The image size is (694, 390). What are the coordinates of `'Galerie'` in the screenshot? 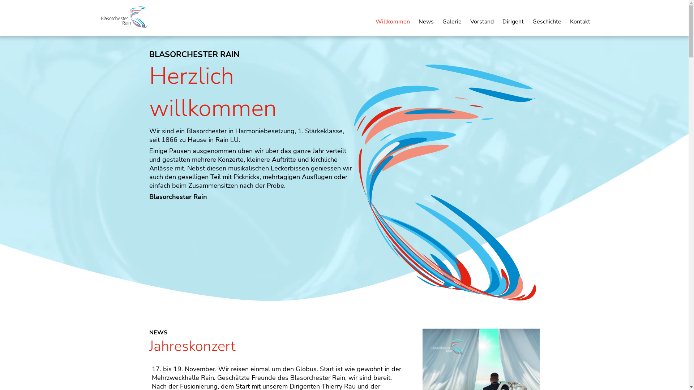 It's located at (451, 21).